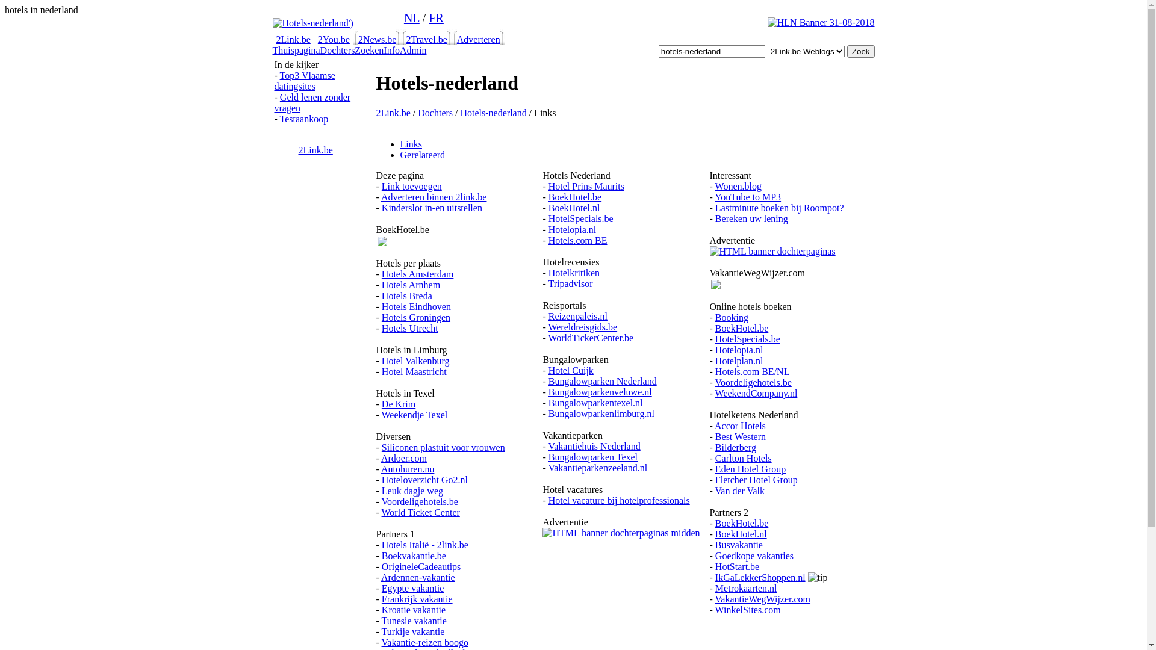 Image resolution: width=1156 pixels, height=650 pixels. Describe the element at coordinates (358, 39) in the screenshot. I see `'2News.be'` at that location.